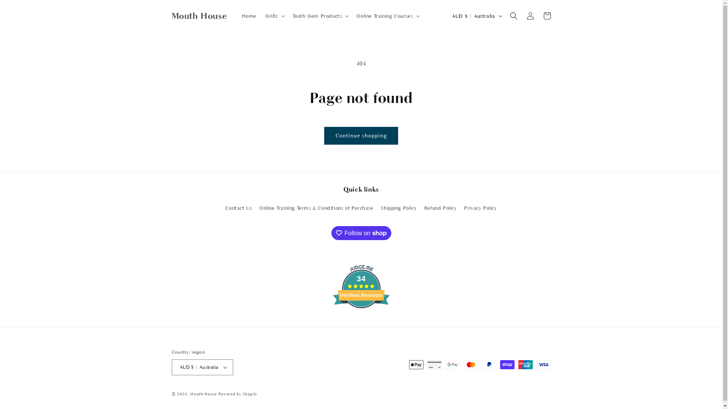 Image resolution: width=728 pixels, height=409 pixels. I want to click on 'Shipping Policy', so click(398, 208).